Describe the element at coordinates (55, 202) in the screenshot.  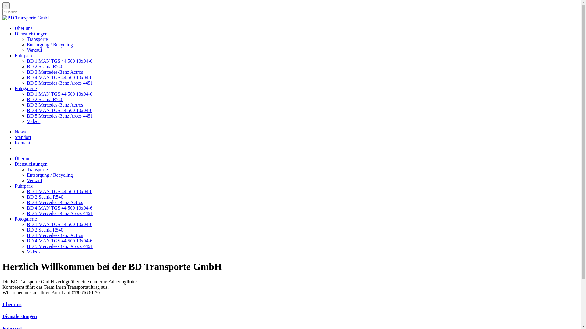
I see `'BD 3 Mercedes-Benz Actros'` at that location.